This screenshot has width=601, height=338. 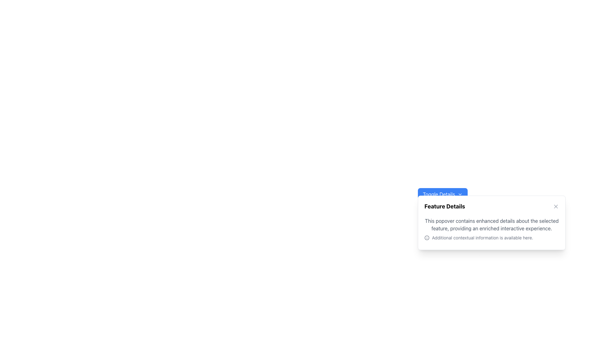 What do you see at coordinates (460, 194) in the screenshot?
I see `the downward-facing chevron icon within the blue button labeled 'Toggle Details'` at bounding box center [460, 194].